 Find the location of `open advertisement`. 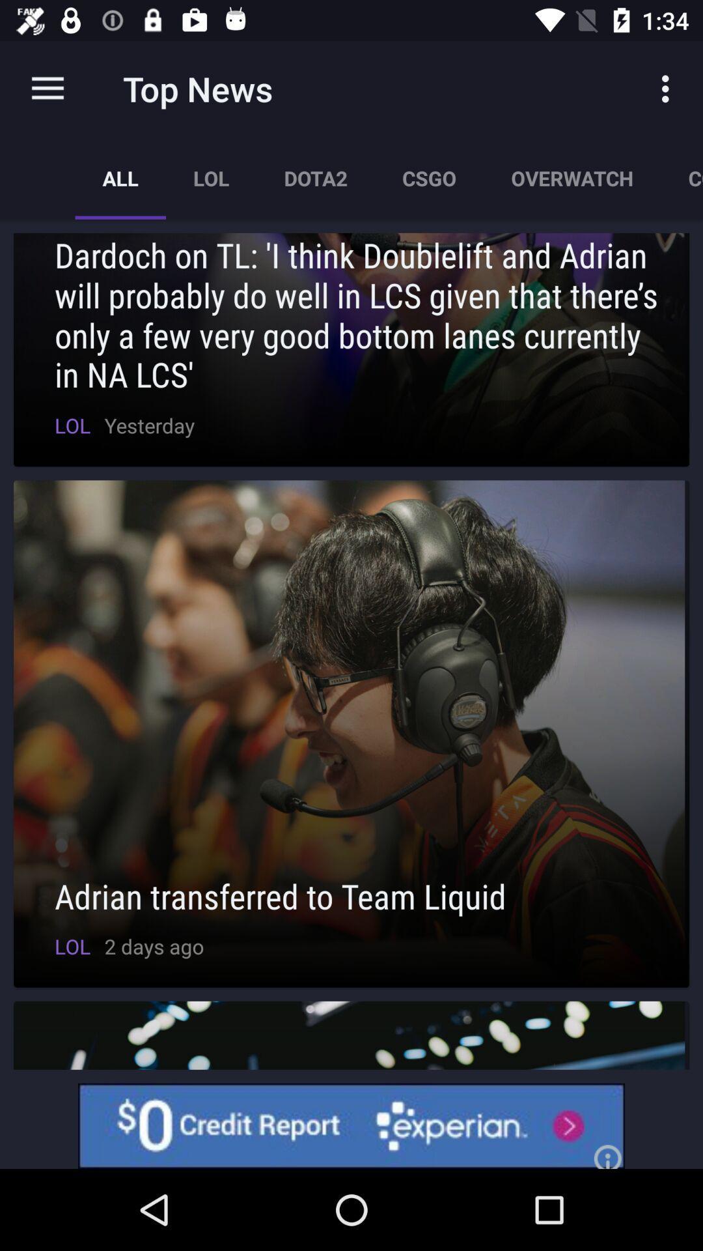

open advertisement is located at coordinates (351, 1125).